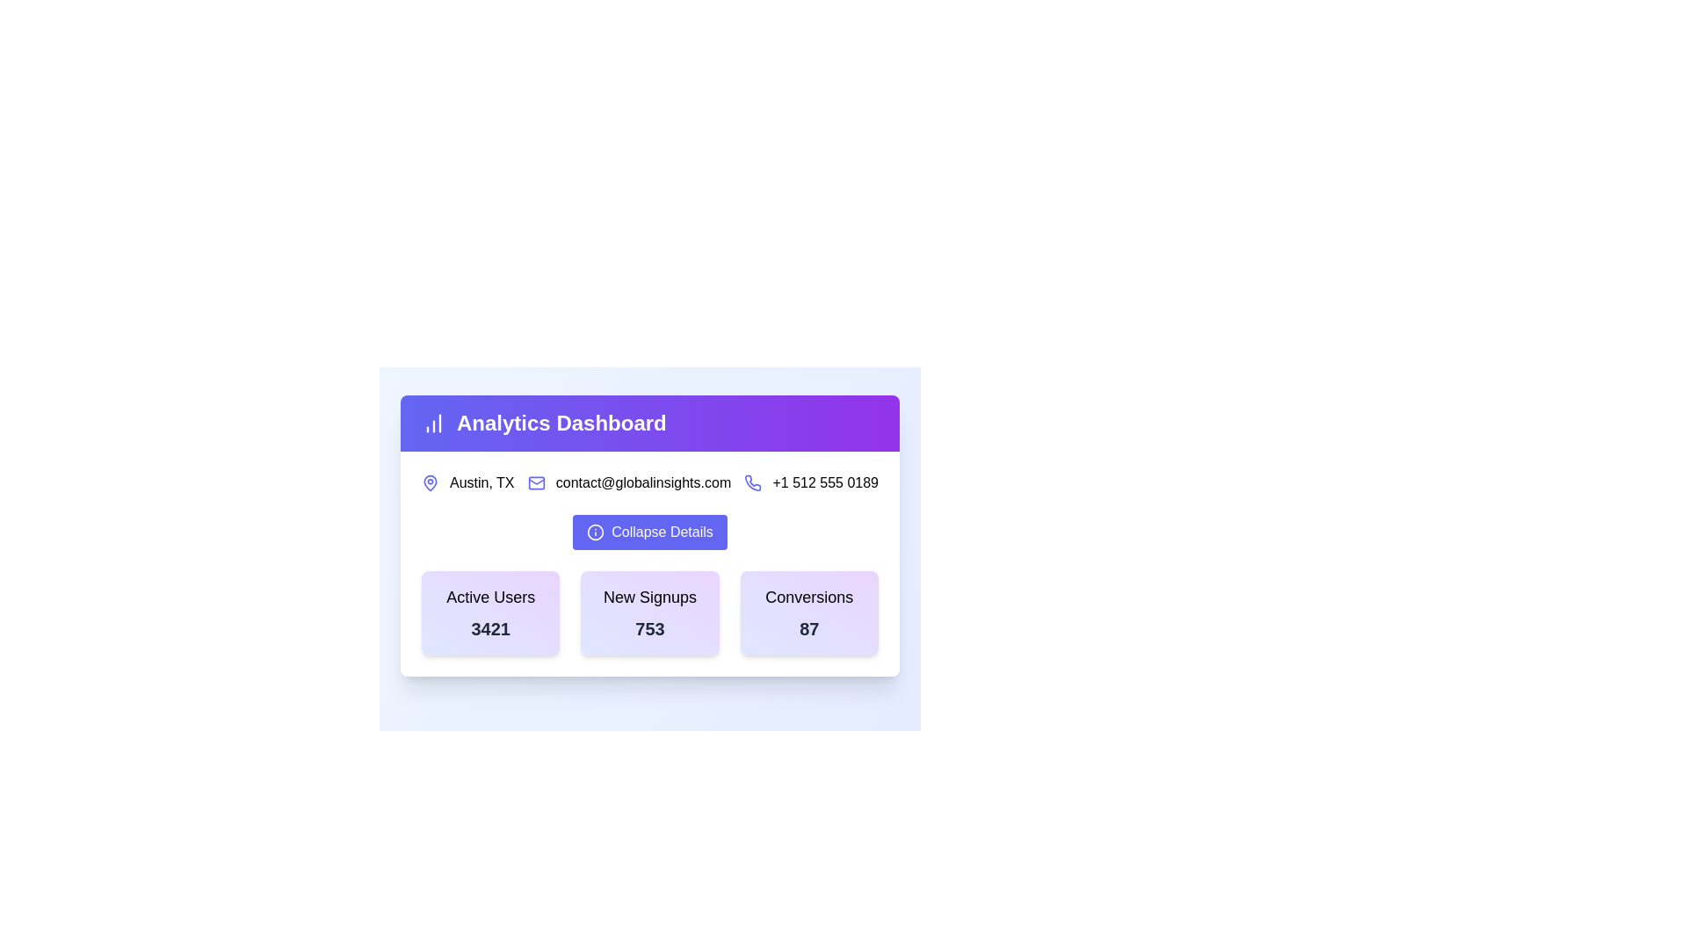 Image resolution: width=1687 pixels, height=949 pixels. What do you see at coordinates (648, 538) in the screenshot?
I see `the 'Collapse Details' button, which has a blue background and white text, located at the center of the card layout below the contact information row` at bounding box center [648, 538].